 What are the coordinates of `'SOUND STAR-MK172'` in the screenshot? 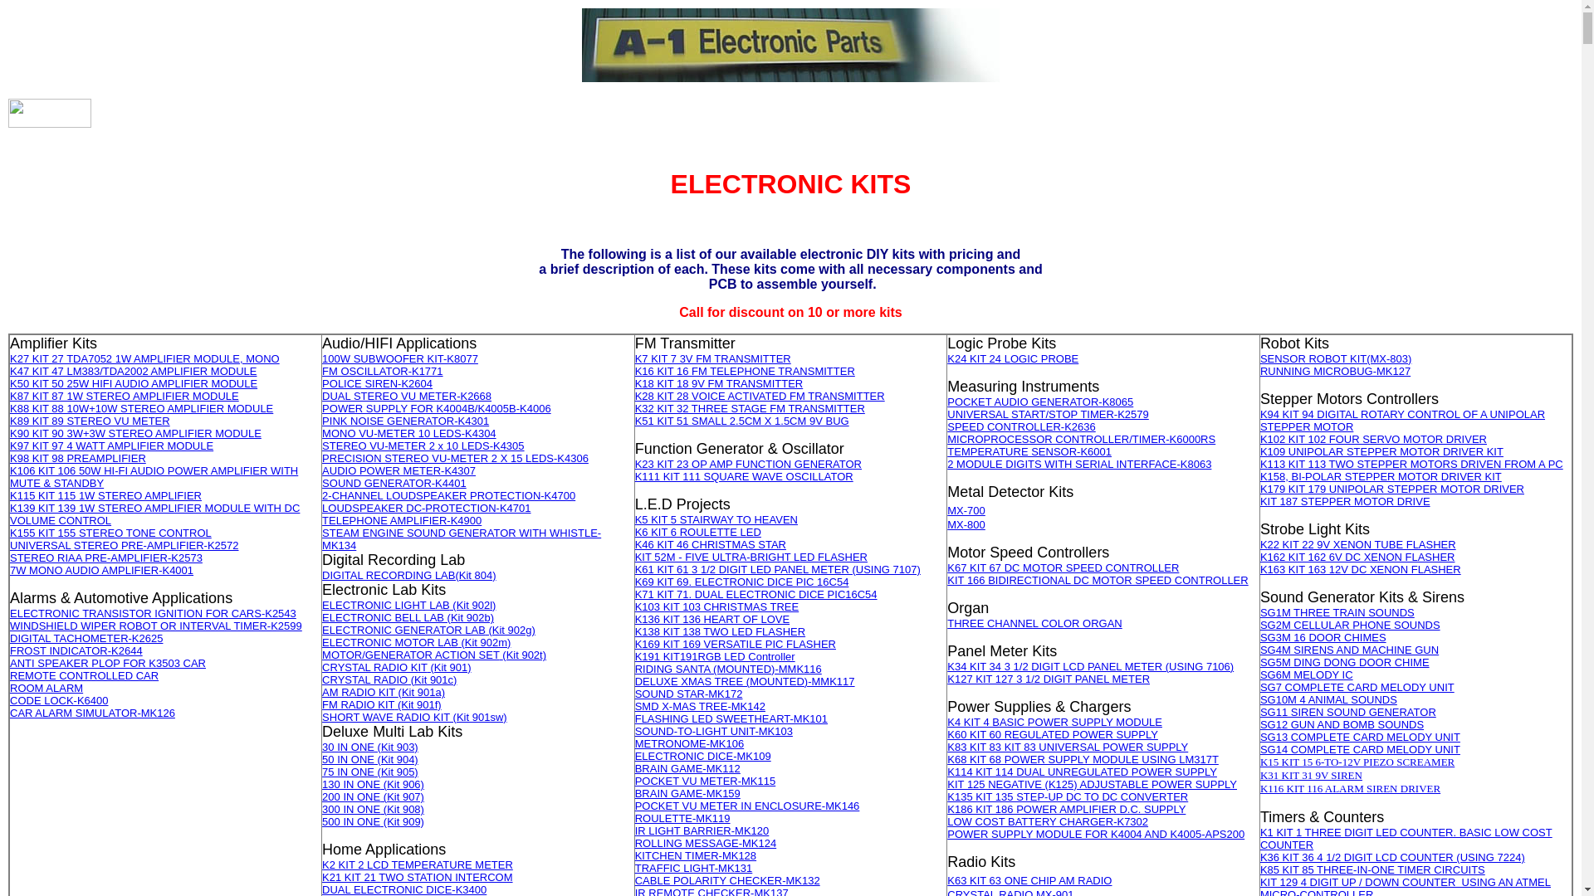 It's located at (689, 694).